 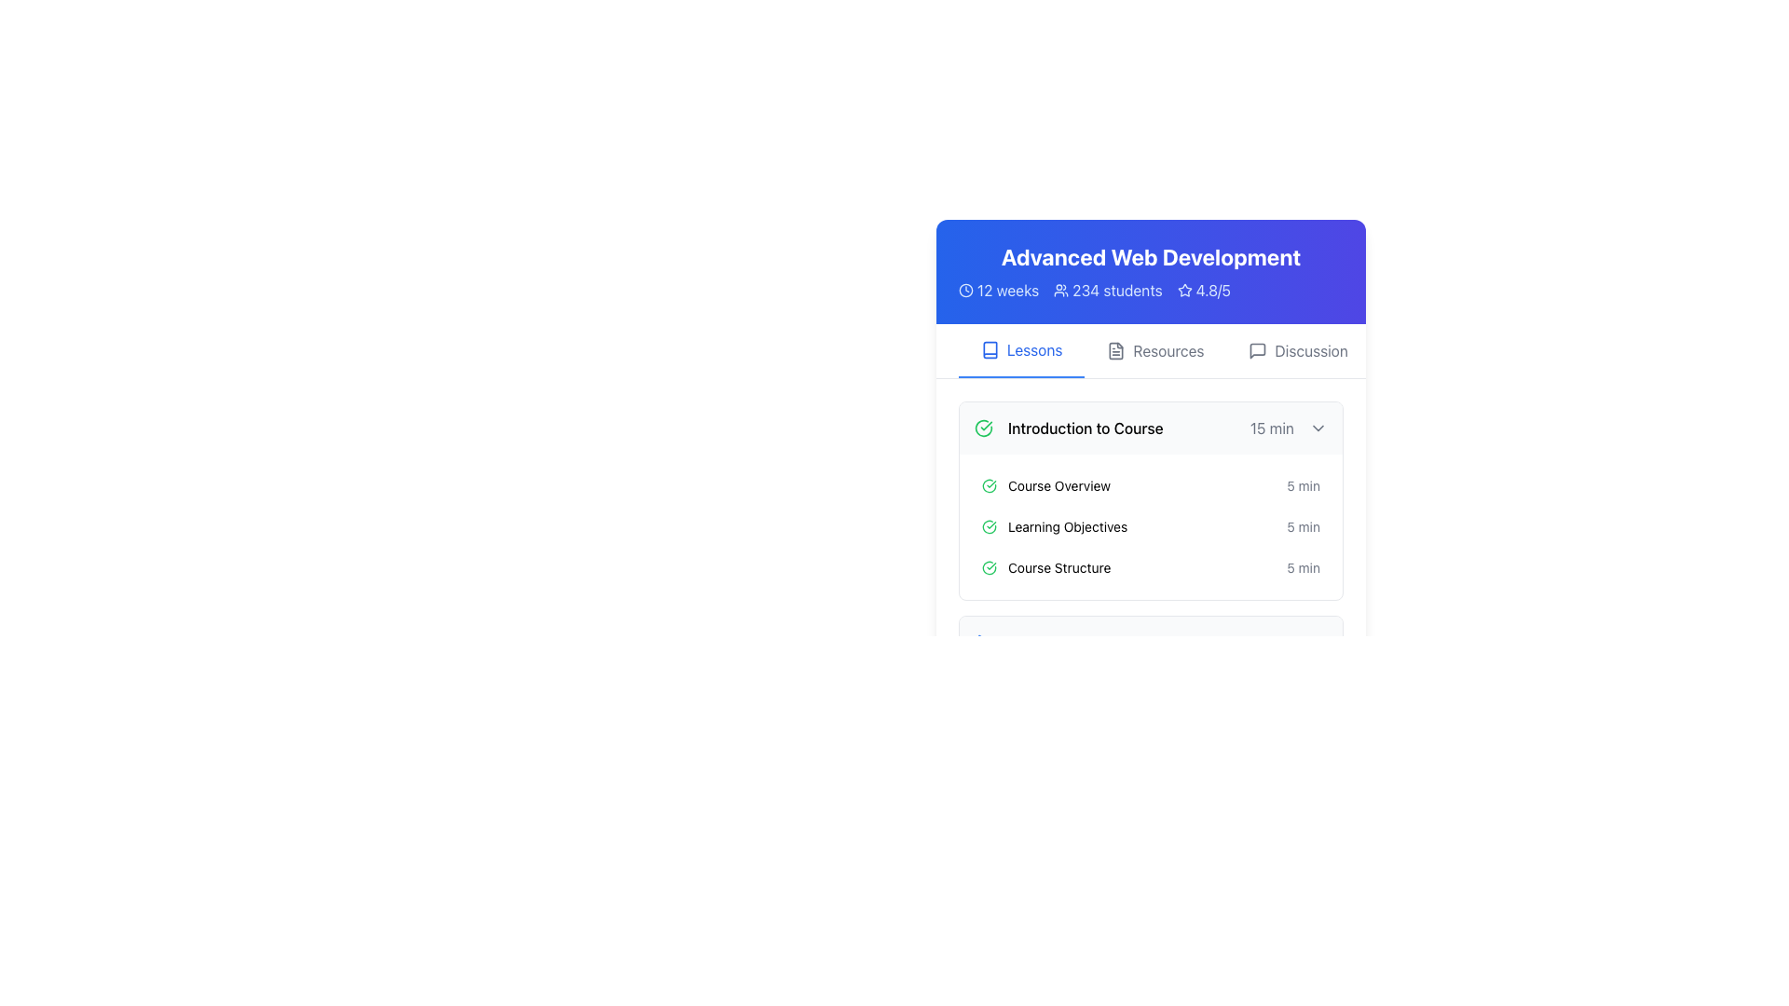 I want to click on duration information from the label displaying '15 min' with a dropdown icon on the far-right side of the 'Introduction to Course' row, so click(x=1288, y=428).